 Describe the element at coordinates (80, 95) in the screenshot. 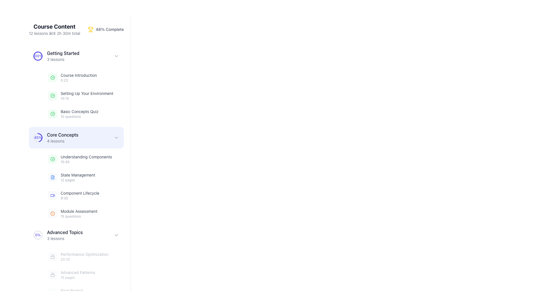

I see `the list item displaying 'Setting Up Your Environment' with a green checkmark icon, located in the 'Getting Started' section` at that location.